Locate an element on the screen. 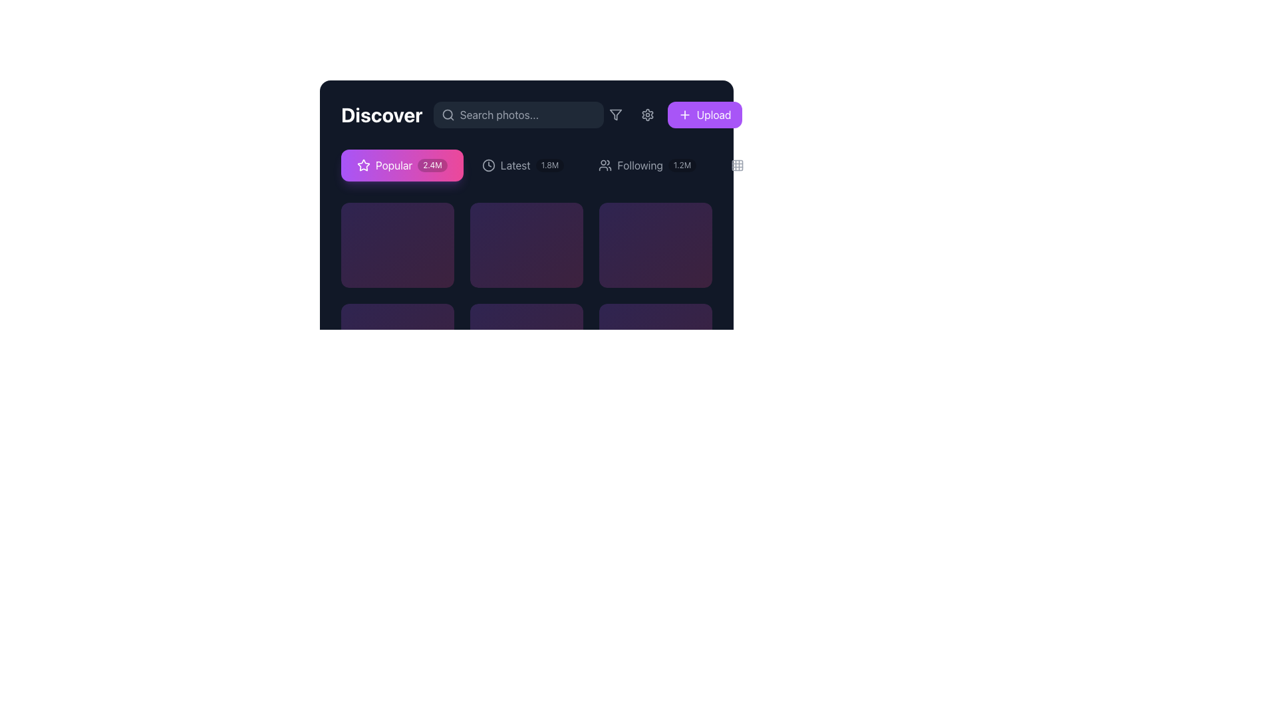 This screenshot has height=718, width=1277. the Badge that indicates the number of items, views, or followers associated with the 'Latest' category, located near the top center of the interface adjacent to the text 'Latest' is located at coordinates (550, 165).